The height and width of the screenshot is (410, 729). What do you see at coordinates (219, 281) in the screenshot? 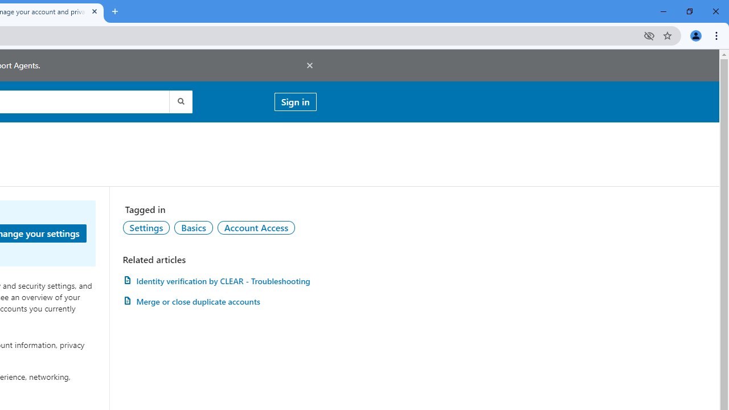
I see `'AutomationID: article-link-a1457505'` at bounding box center [219, 281].